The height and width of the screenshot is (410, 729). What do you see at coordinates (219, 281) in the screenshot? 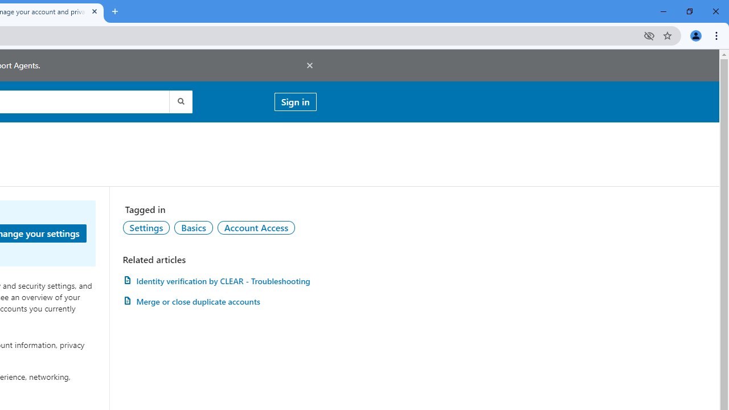
I see `'AutomationID: article-link-a1457505'` at bounding box center [219, 281].